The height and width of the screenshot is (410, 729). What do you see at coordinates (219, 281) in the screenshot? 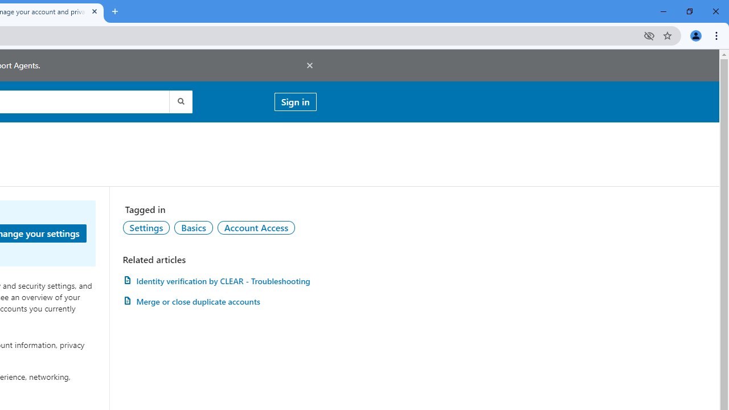
I see `'AutomationID: article-link-a1457505'` at bounding box center [219, 281].